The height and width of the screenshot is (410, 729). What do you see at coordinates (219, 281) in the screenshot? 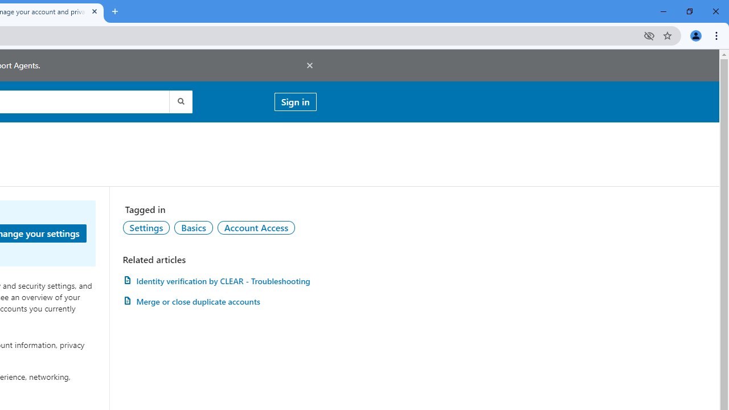
I see `'AutomationID: article-link-a1457505'` at bounding box center [219, 281].